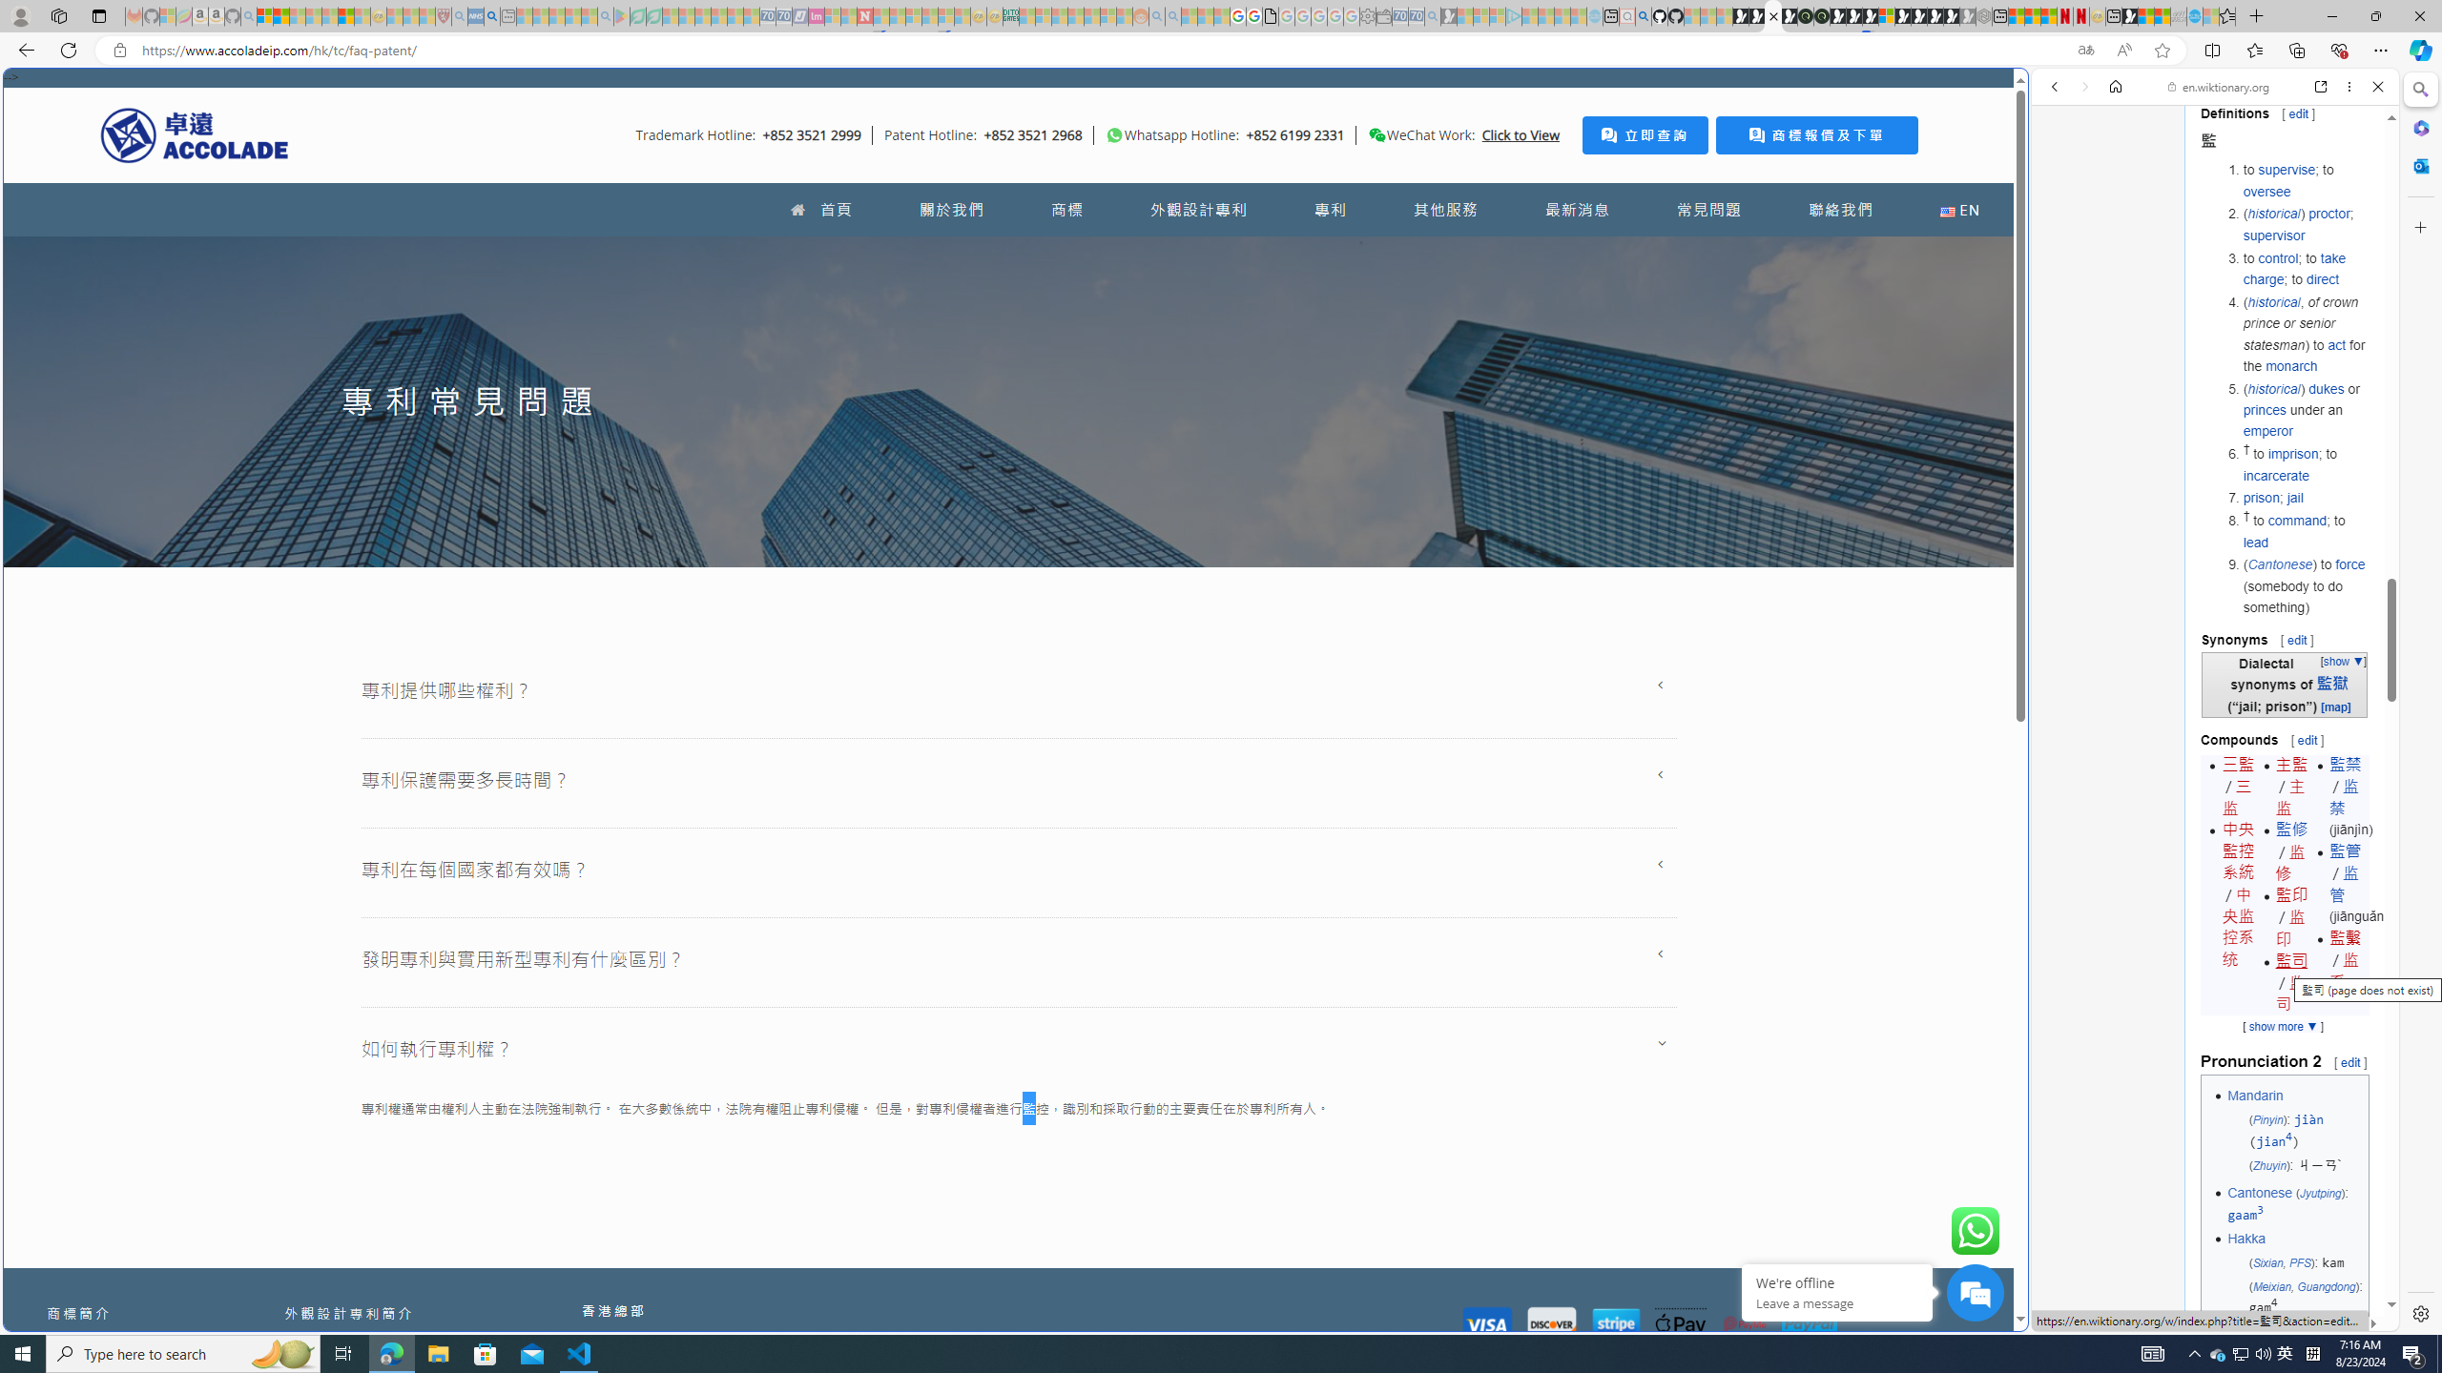  What do you see at coordinates (2418, 128) in the screenshot?
I see `'Microsoft 365'` at bounding box center [2418, 128].